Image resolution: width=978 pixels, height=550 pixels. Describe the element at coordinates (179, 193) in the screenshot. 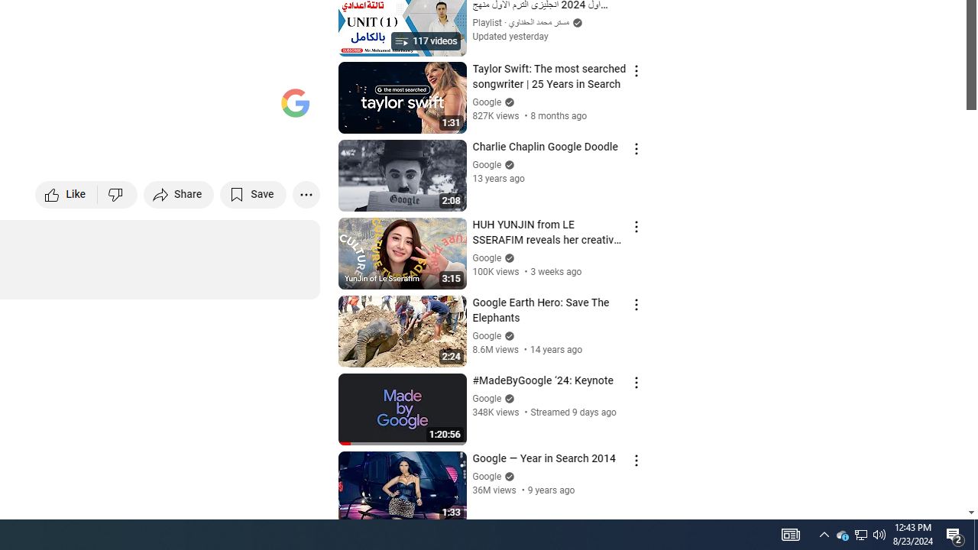

I see `'Share'` at that location.